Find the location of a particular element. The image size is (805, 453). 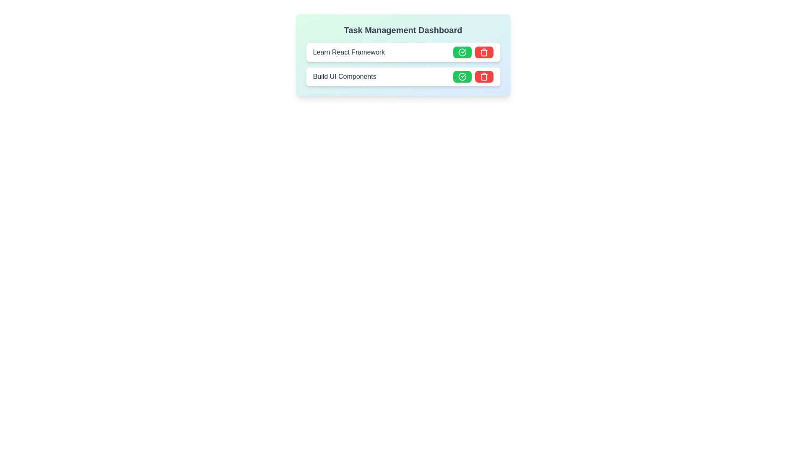

the prominent text label 'Task Management Dashboard' displayed at the top of its containing card is located at coordinates (403, 30).